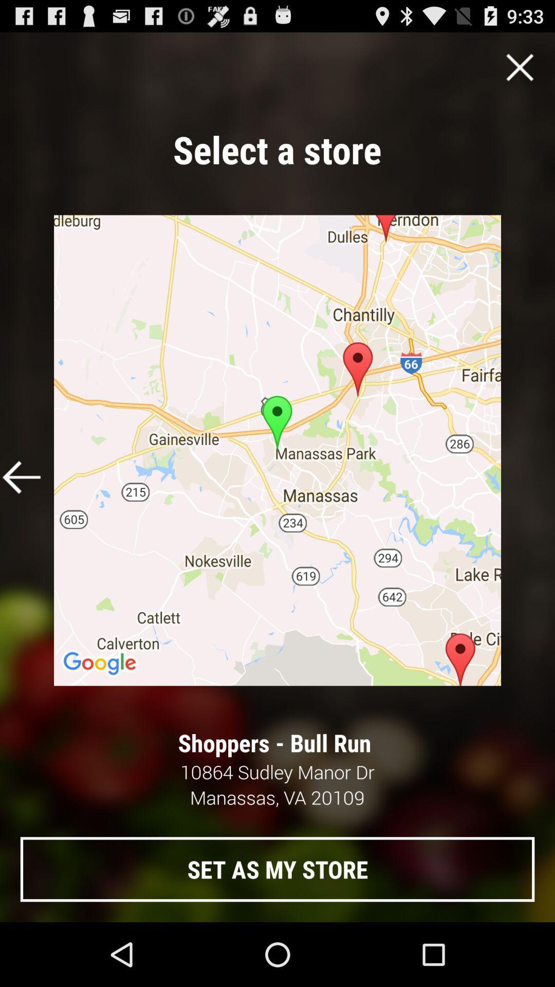  I want to click on it, so click(520, 67).